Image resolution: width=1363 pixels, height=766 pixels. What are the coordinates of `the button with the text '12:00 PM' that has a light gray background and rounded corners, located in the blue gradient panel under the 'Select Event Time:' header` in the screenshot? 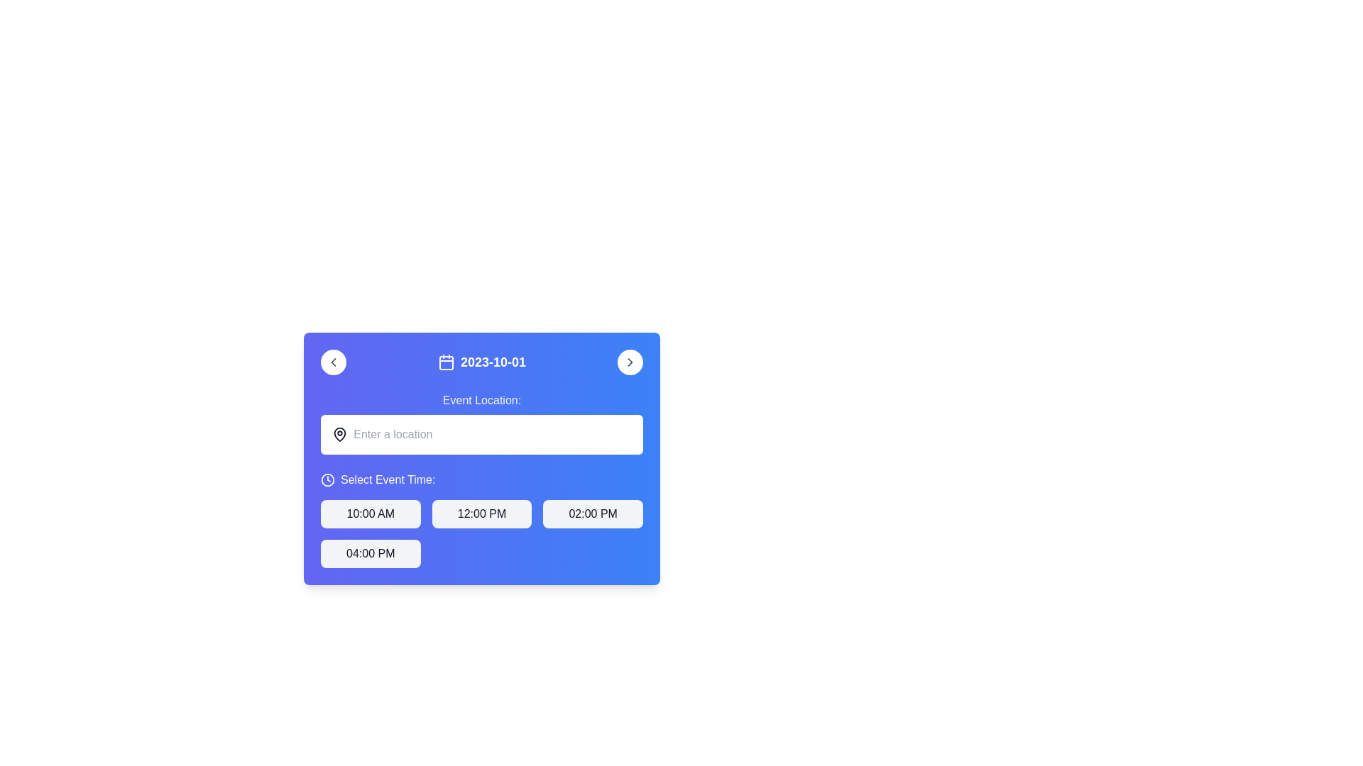 It's located at (481, 505).